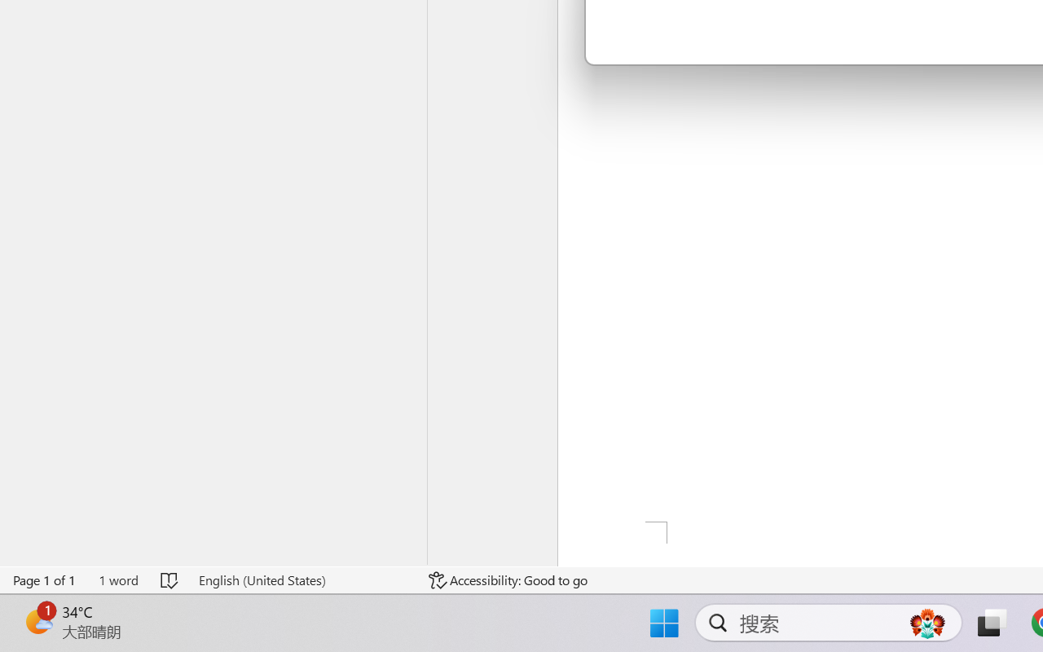  What do you see at coordinates (508, 579) in the screenshot?
I see `'Accessibility Checker Accessibility: Good to go'` at bounding box center [508, 579].